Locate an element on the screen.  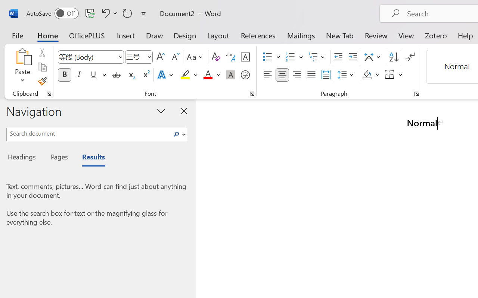
'Shading' is located at coordinates (371, 75).